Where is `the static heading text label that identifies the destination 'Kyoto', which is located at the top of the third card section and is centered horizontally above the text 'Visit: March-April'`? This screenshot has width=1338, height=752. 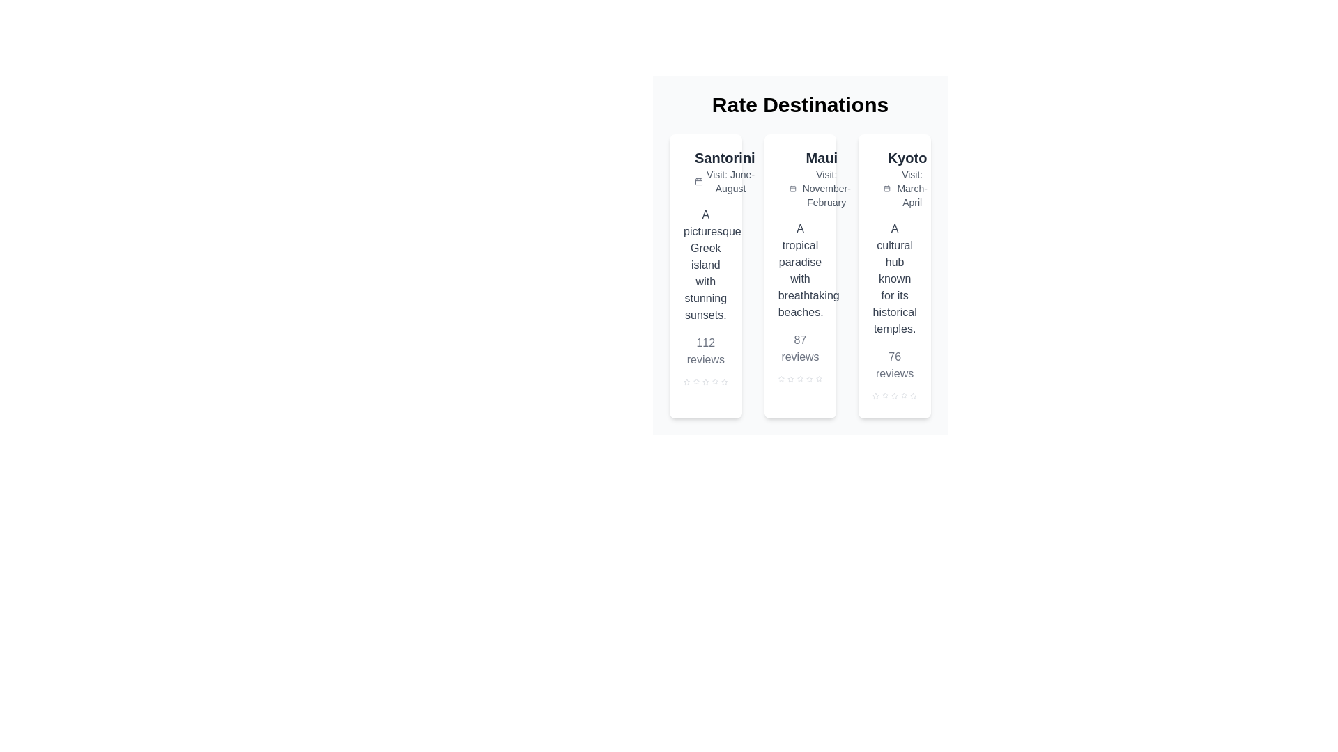
the static heading text label that identifies the destination 'Kyoto', which is located at the top of the third card section and is centered horizontally above the text 'Visit: March-April' is located at coordinates (907, 157).